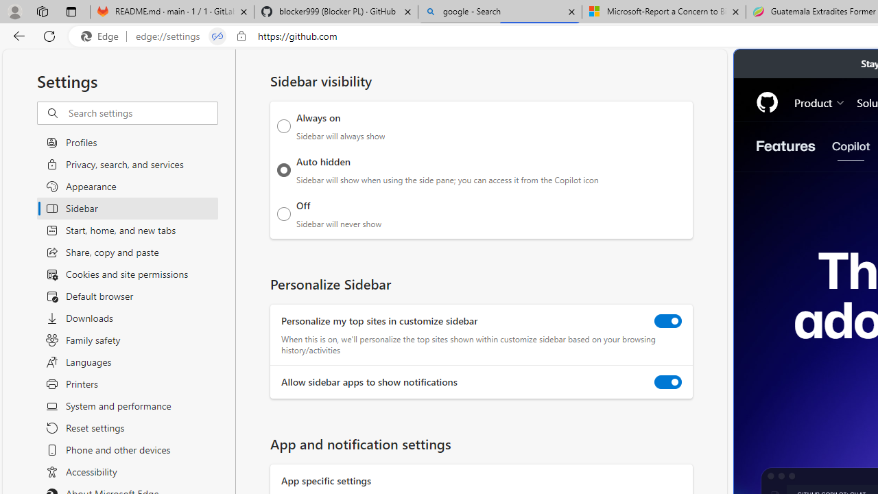 Image resolution: width=878 pixels, height=494 pixels. I want to click on 'Copilot', so click(850, 146).